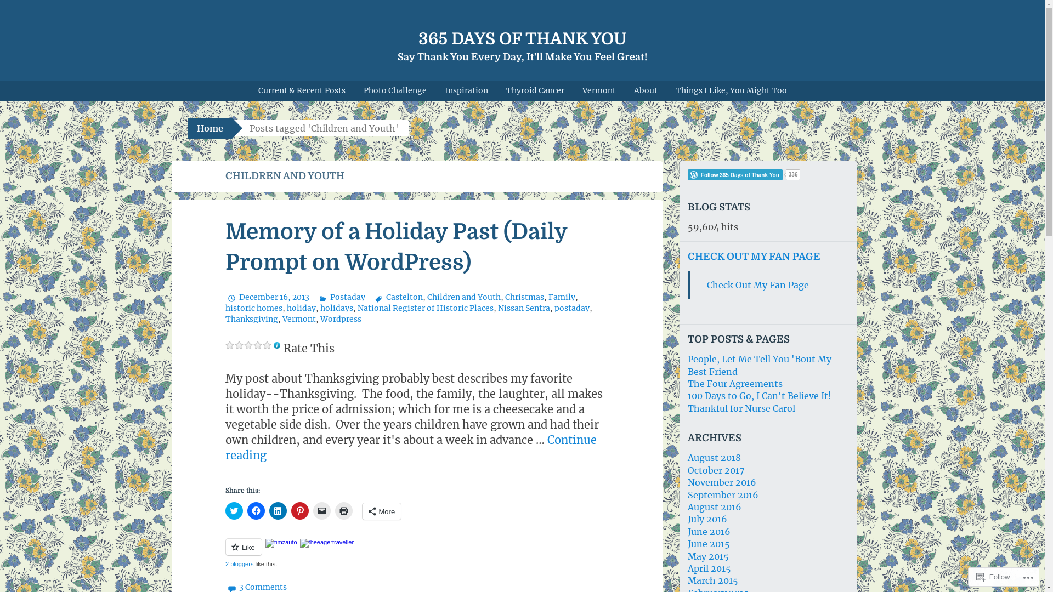 This screenshot has height=592, width=1053. Describe the element at coordinates (714, 457) in the screenshot. I see `'August 2018'` at that location.